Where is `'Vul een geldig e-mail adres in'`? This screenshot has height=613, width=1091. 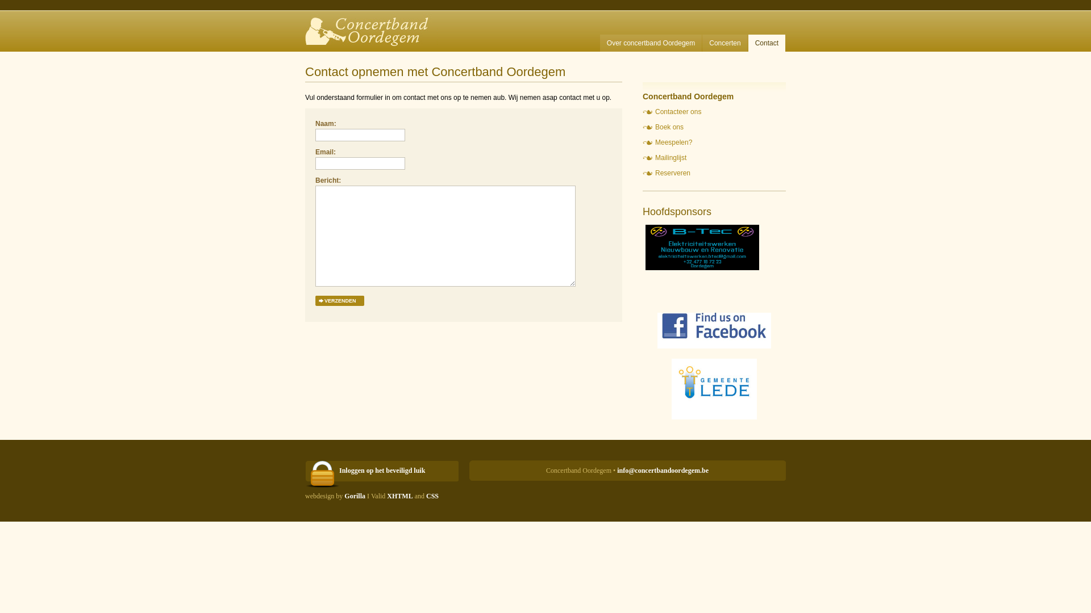 'Vul een geldig e-mail adres in' is located at coordinates (359, 163).